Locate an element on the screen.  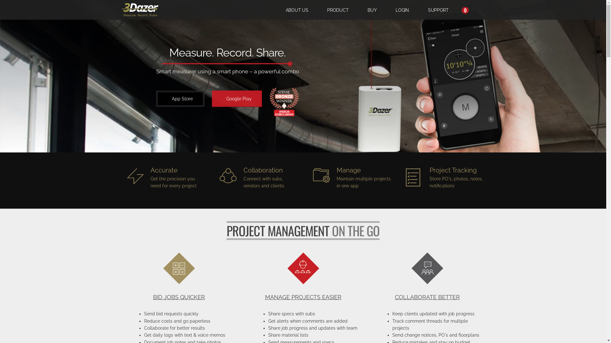
'BID JOBS QUICKER' is located at coordinates (178, 297).